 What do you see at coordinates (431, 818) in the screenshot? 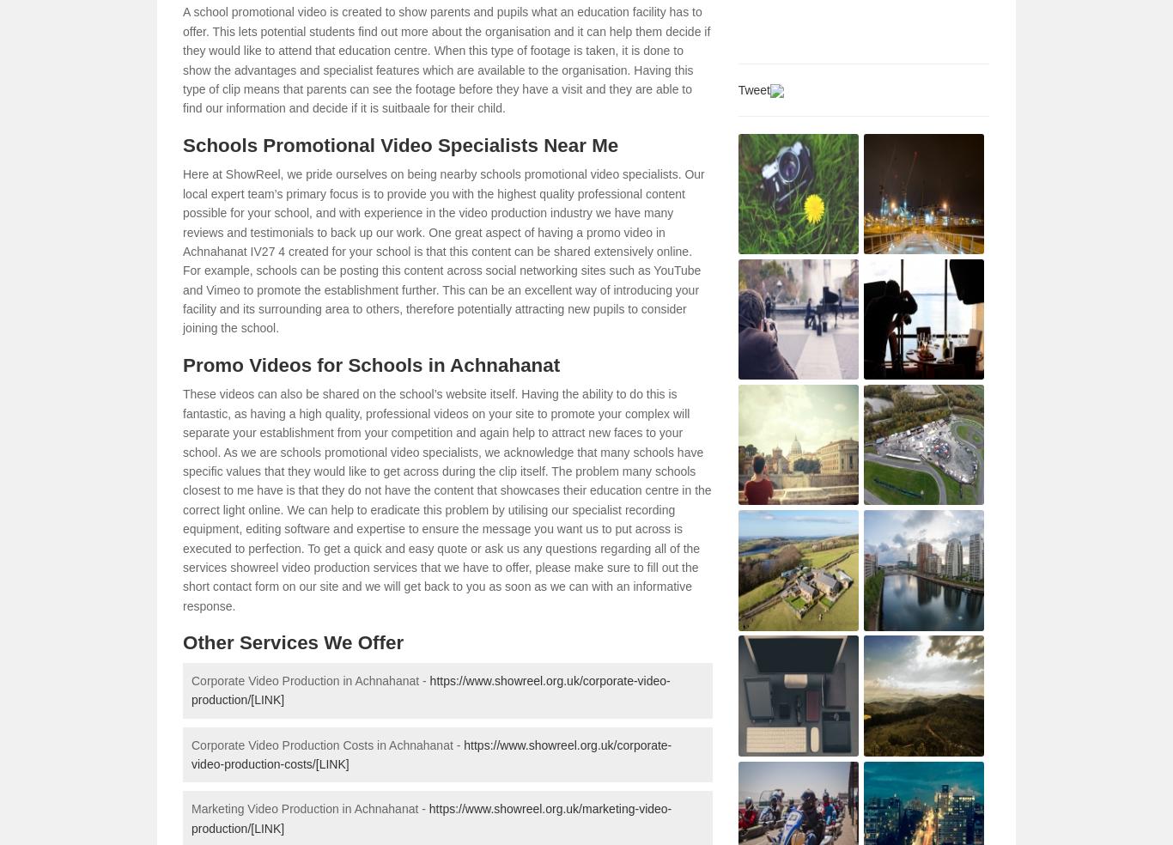
I see `'https://www.showreel.org.uk/marketing-video-production/[LINK]'` at bounding box center [431, 818].